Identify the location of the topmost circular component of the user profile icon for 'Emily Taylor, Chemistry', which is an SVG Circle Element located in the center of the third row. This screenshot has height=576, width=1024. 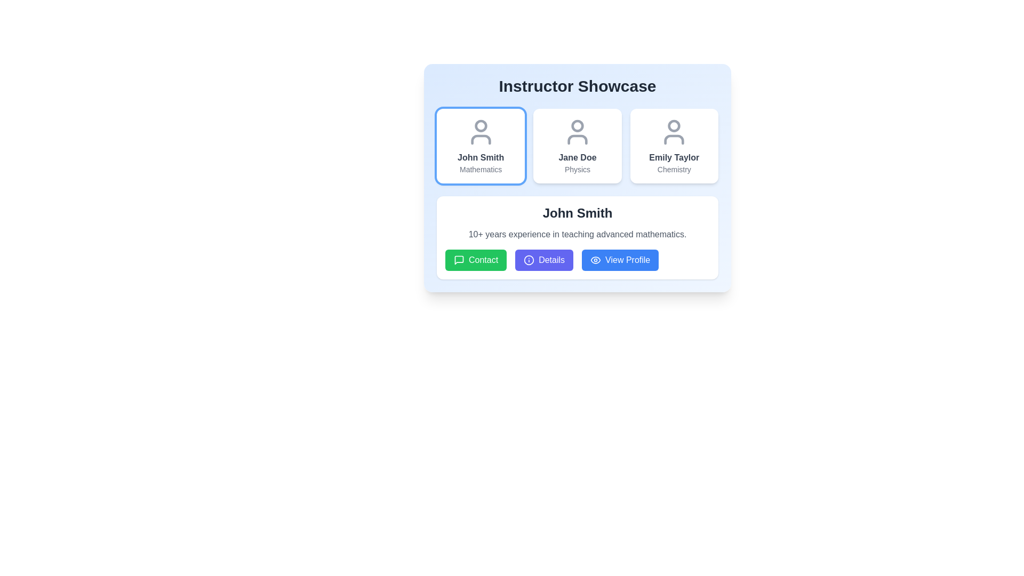
(674, 125).